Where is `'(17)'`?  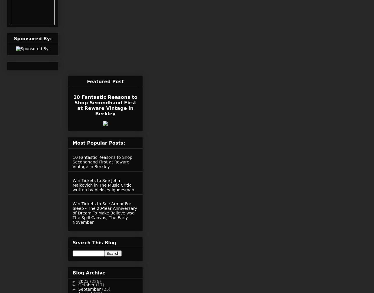 '(17)' is located at coordinates (100, 284).